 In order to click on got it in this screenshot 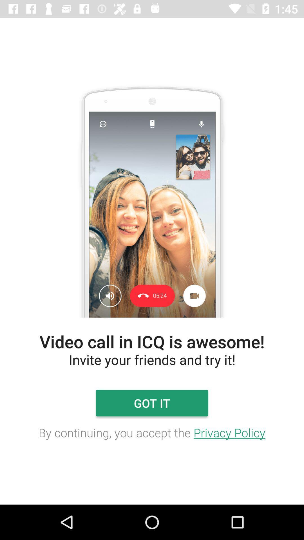, I will do `click(152, 403)`.